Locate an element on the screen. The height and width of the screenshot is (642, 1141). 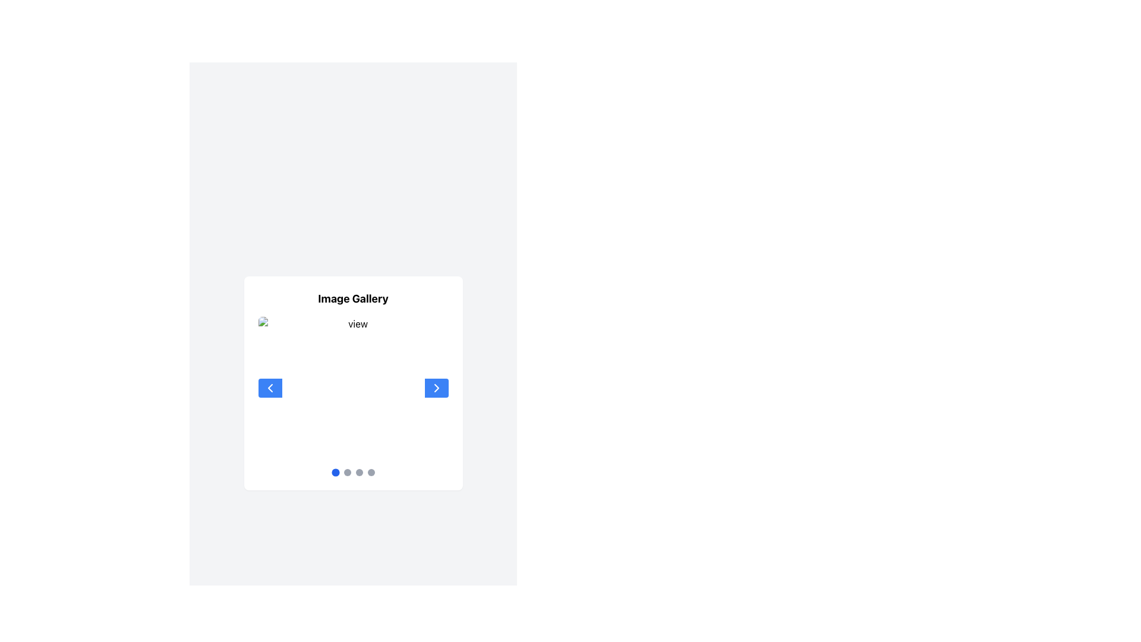
the right-facing chevron SVG icon located in the bottom right navigation button of the main content area is located at coordinates (436, 388).